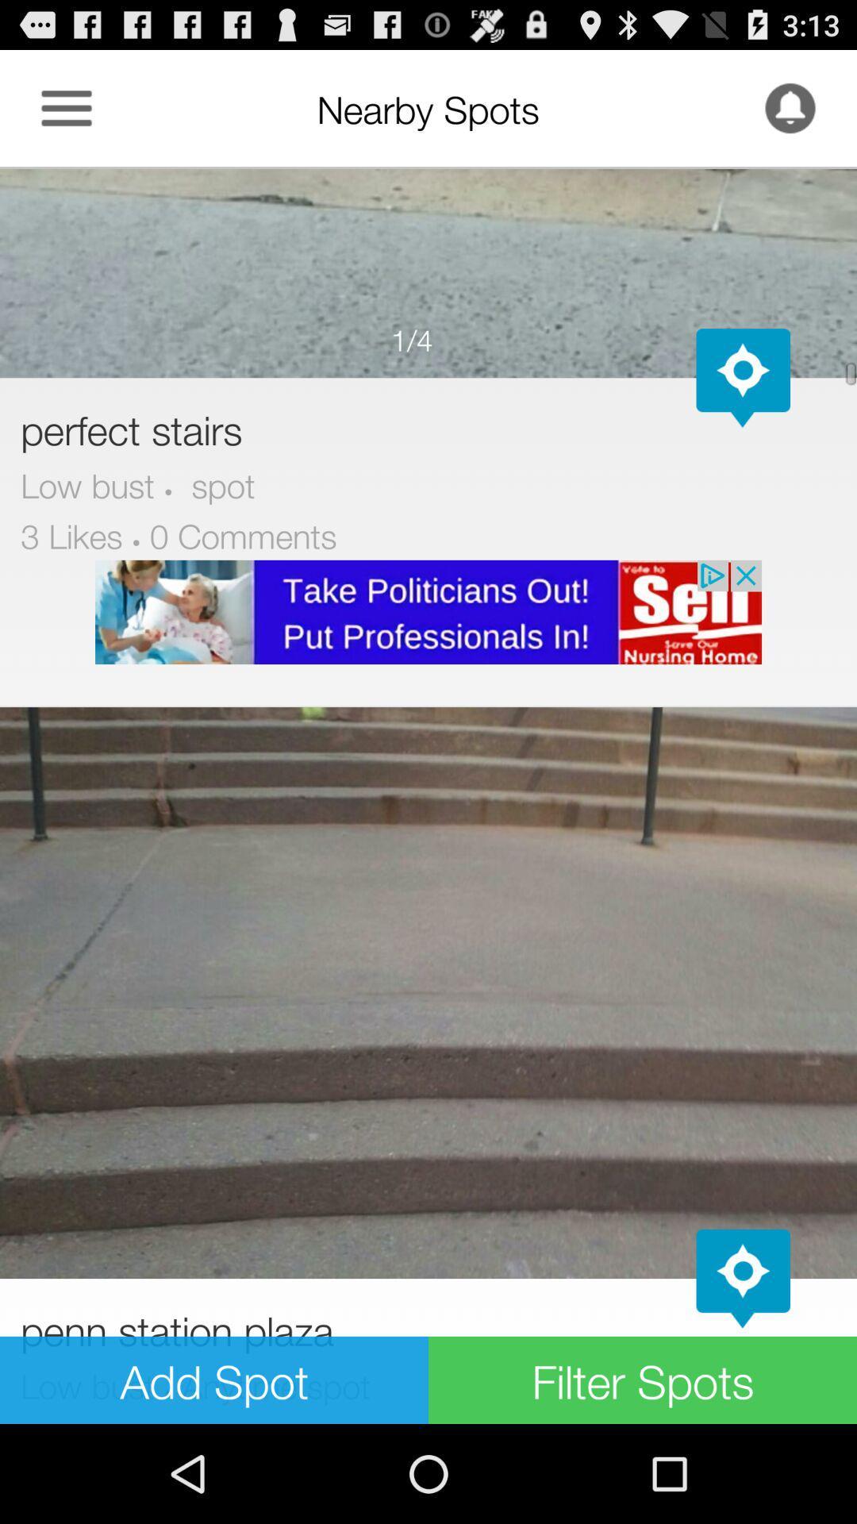 This screenshot has height=1524, width=857. Describe the element at coordinates (743, 377) in the screenshot. I see `see on map` at that location.